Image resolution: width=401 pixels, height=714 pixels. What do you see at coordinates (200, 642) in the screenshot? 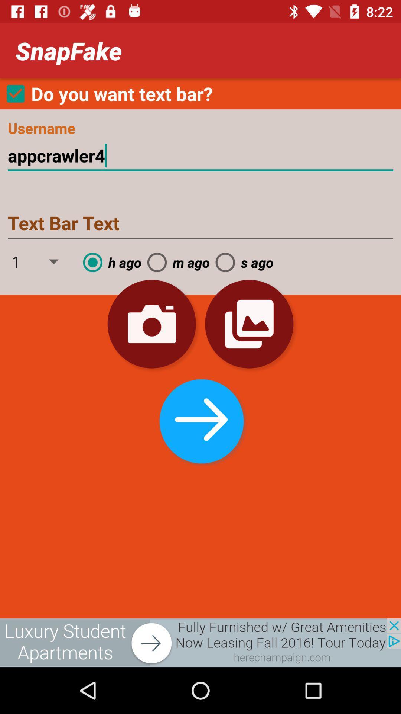
I see `the picture` at bounding box center [200, 642].